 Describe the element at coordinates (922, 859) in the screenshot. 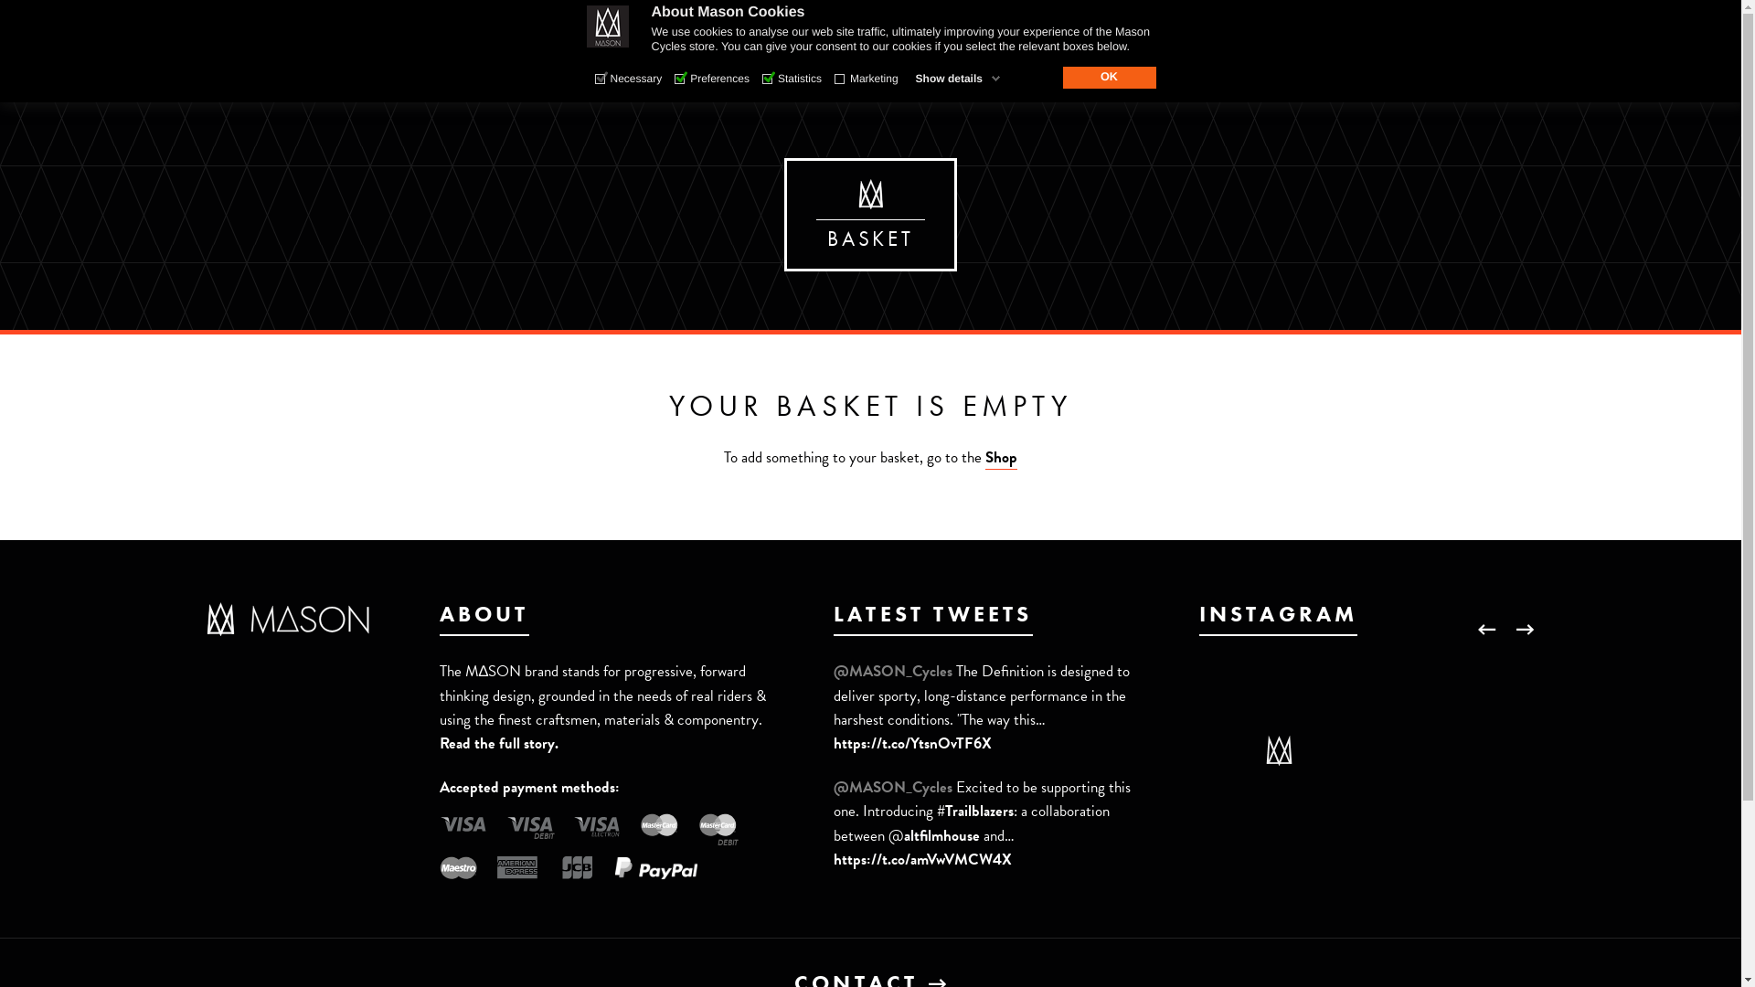

I see `'https://t.co/amVwVMCW4X'` at that location.